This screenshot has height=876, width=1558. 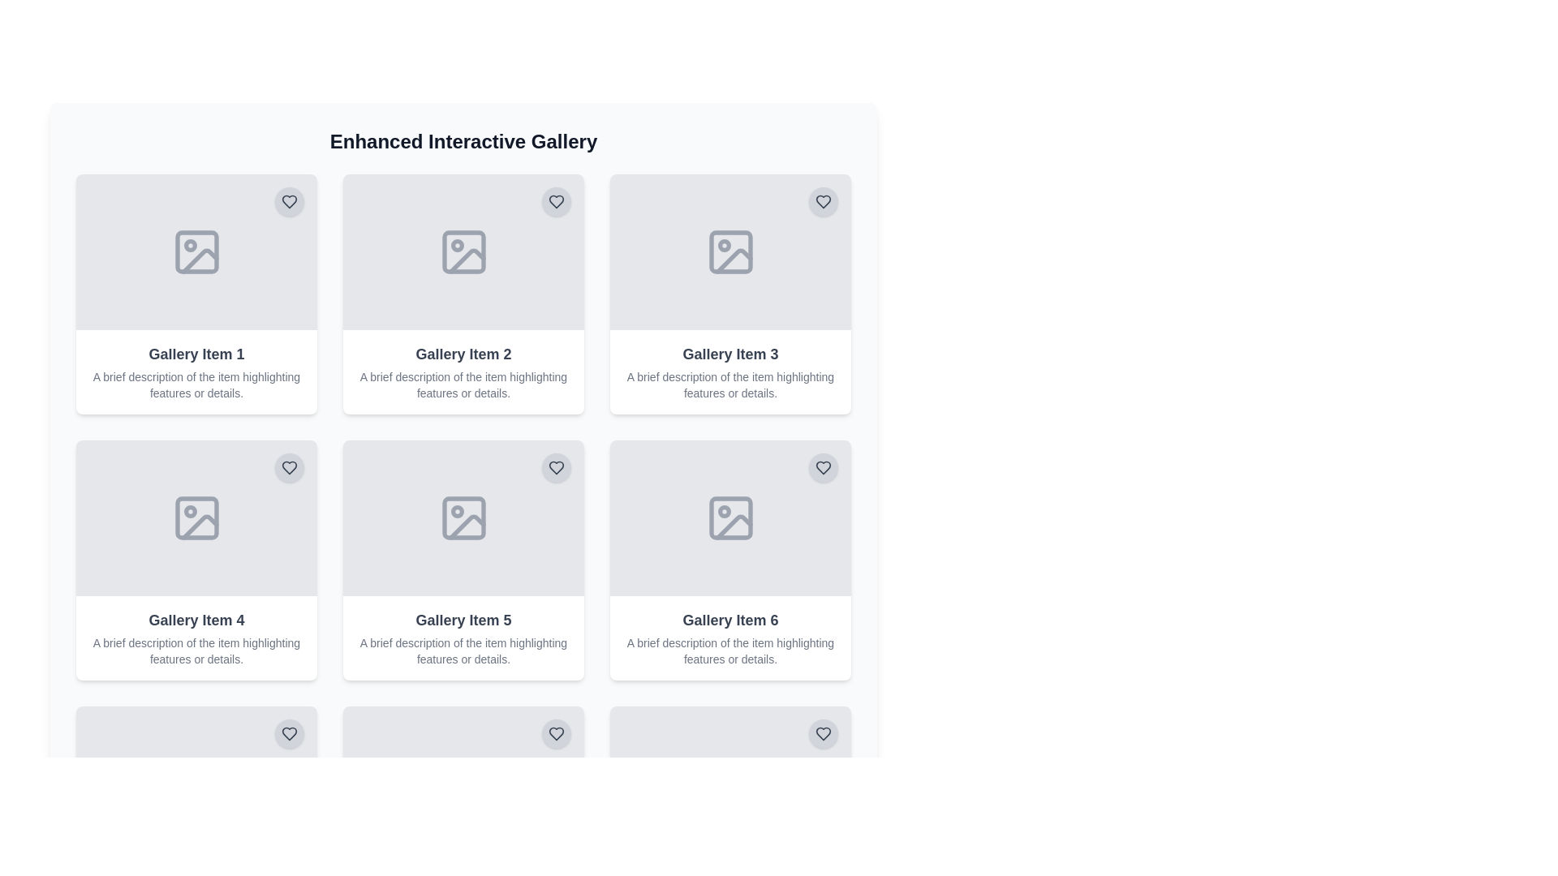 I want to click on the 'like' or 'favorite' button located at the top right corner of the card labeled 'Gallery Item 6', so click(x=823, y=468).